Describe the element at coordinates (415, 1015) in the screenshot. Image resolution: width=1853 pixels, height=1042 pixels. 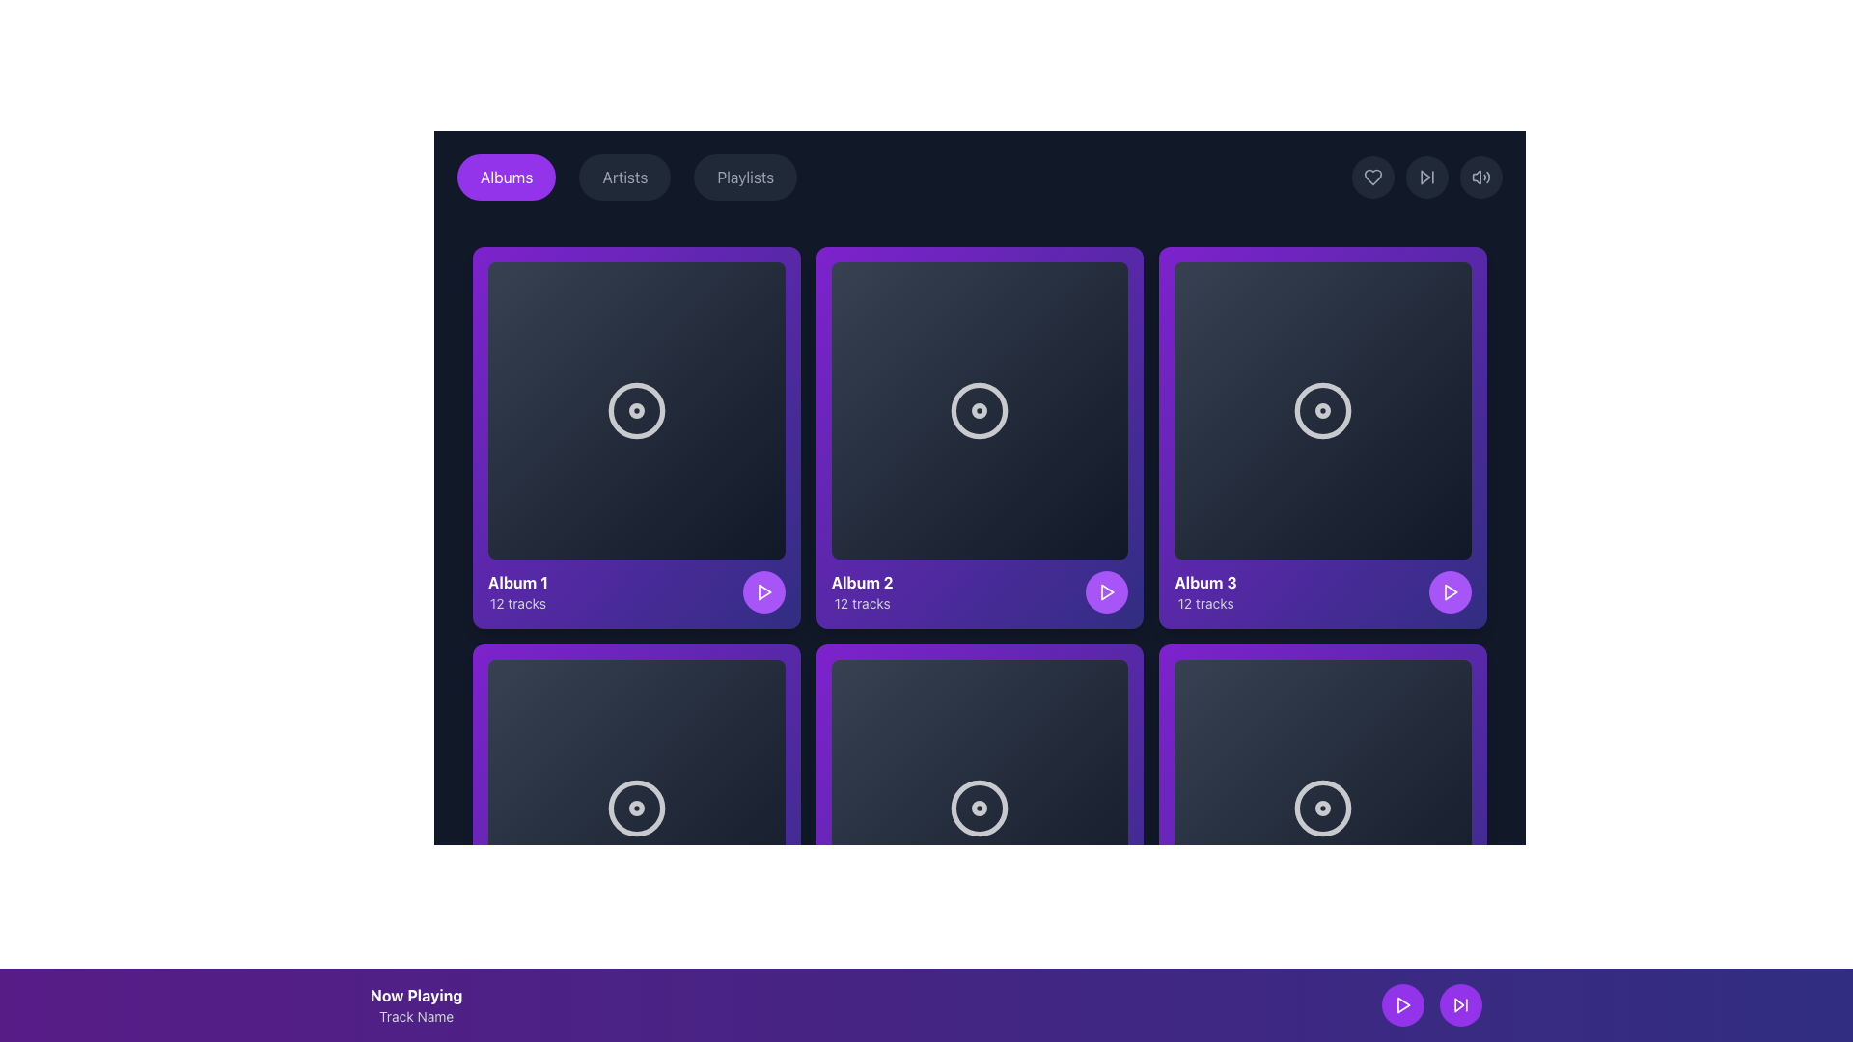
I see `the 'Track Name' text label, which is displayed in a small-sized, gray-colored font beneath 'Now Playing' in a purple footer section` at that location.